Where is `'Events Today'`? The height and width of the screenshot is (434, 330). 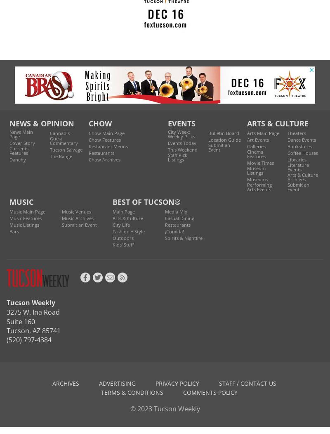
'Events Today' is located at coordinates (181, 143).